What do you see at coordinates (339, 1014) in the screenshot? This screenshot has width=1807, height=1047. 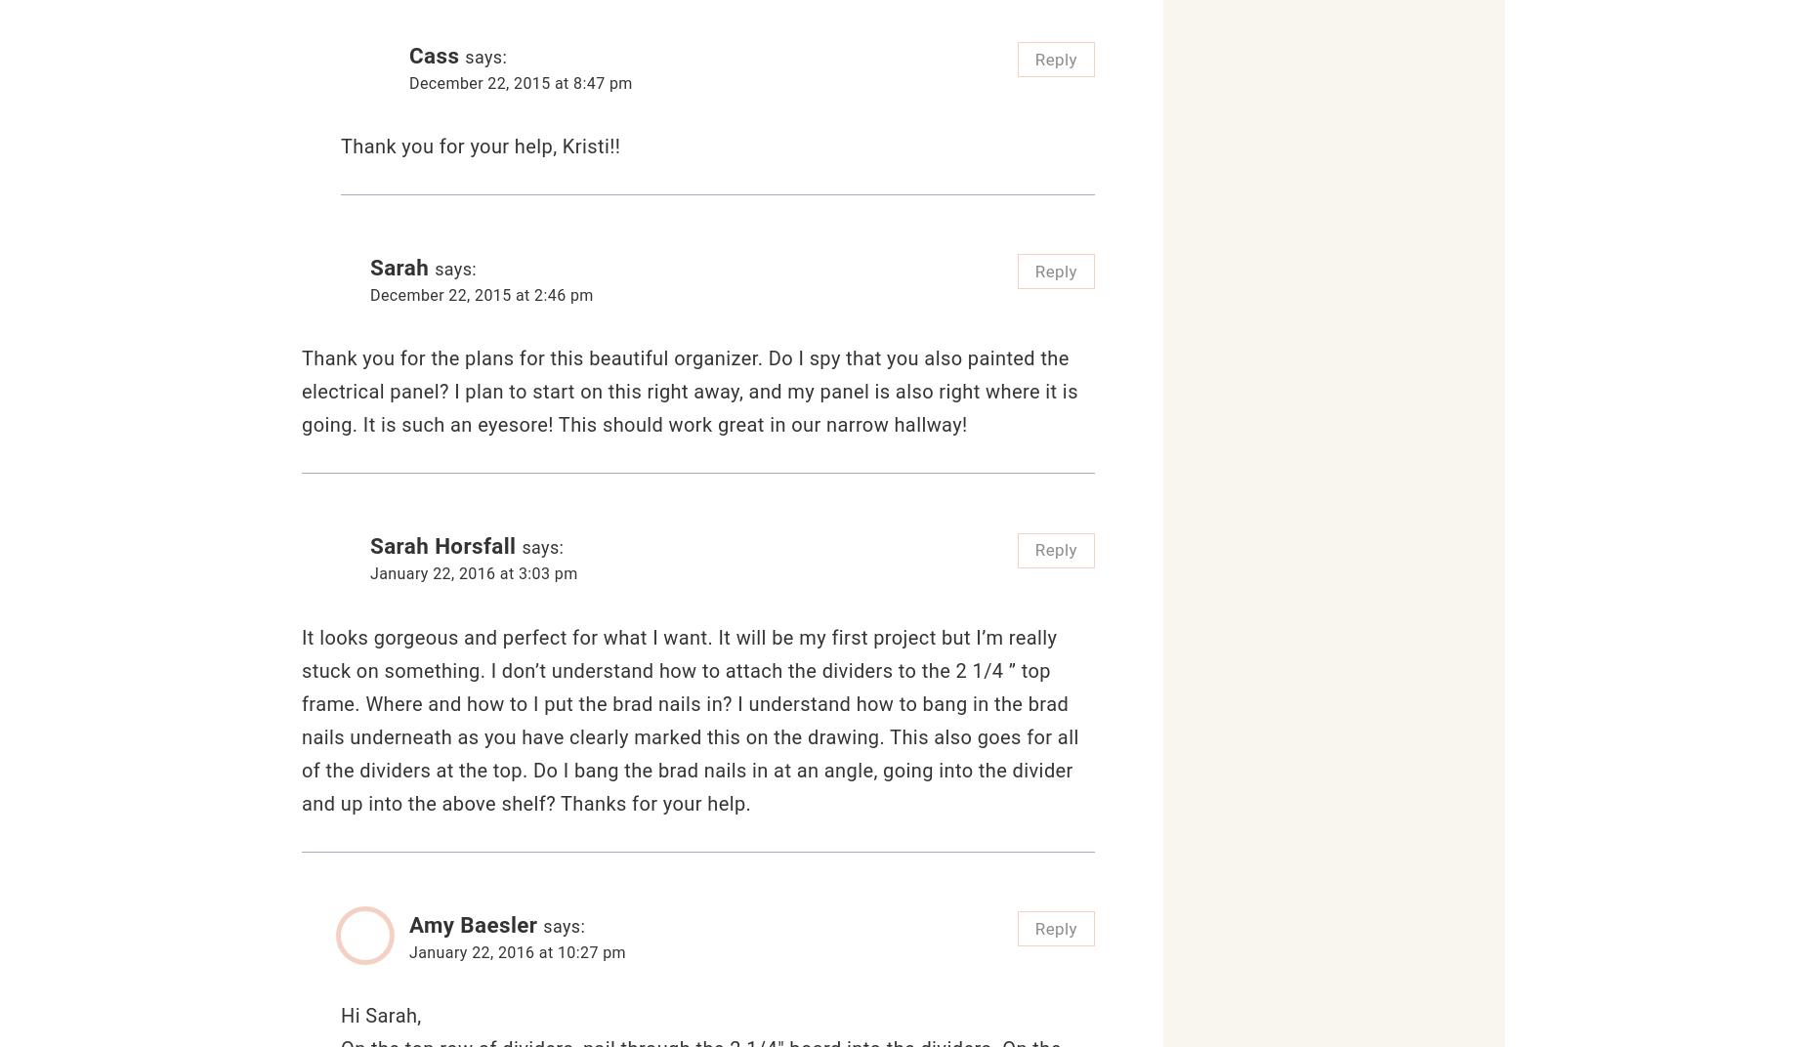 I see `'Hi Sarah,'` at bounding box center [339, 1014].